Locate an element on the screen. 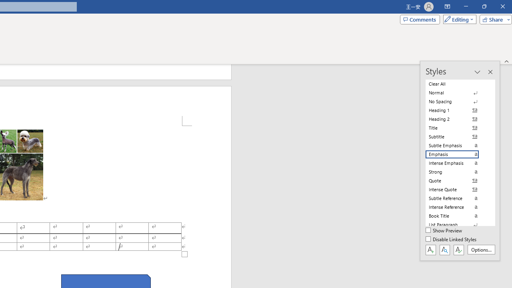 Image resolution: width=512 pixels, height=288 pixels. 'Clear All' is located at coordinates (457, 84).